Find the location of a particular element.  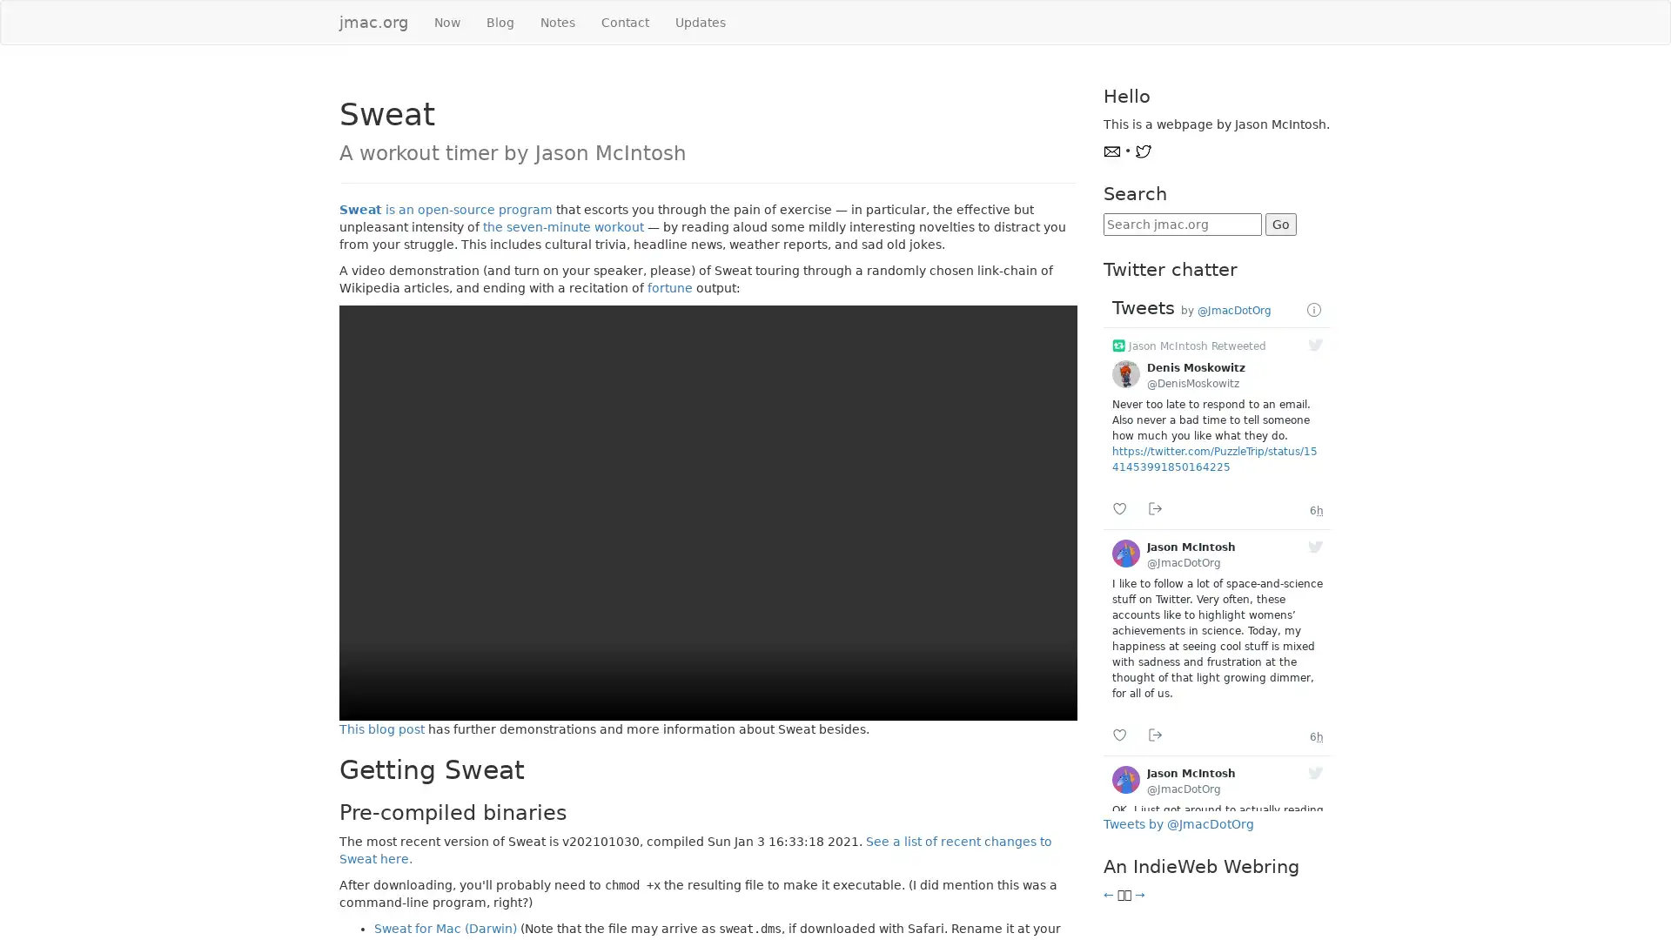

play is located at coordinates (359, 677).